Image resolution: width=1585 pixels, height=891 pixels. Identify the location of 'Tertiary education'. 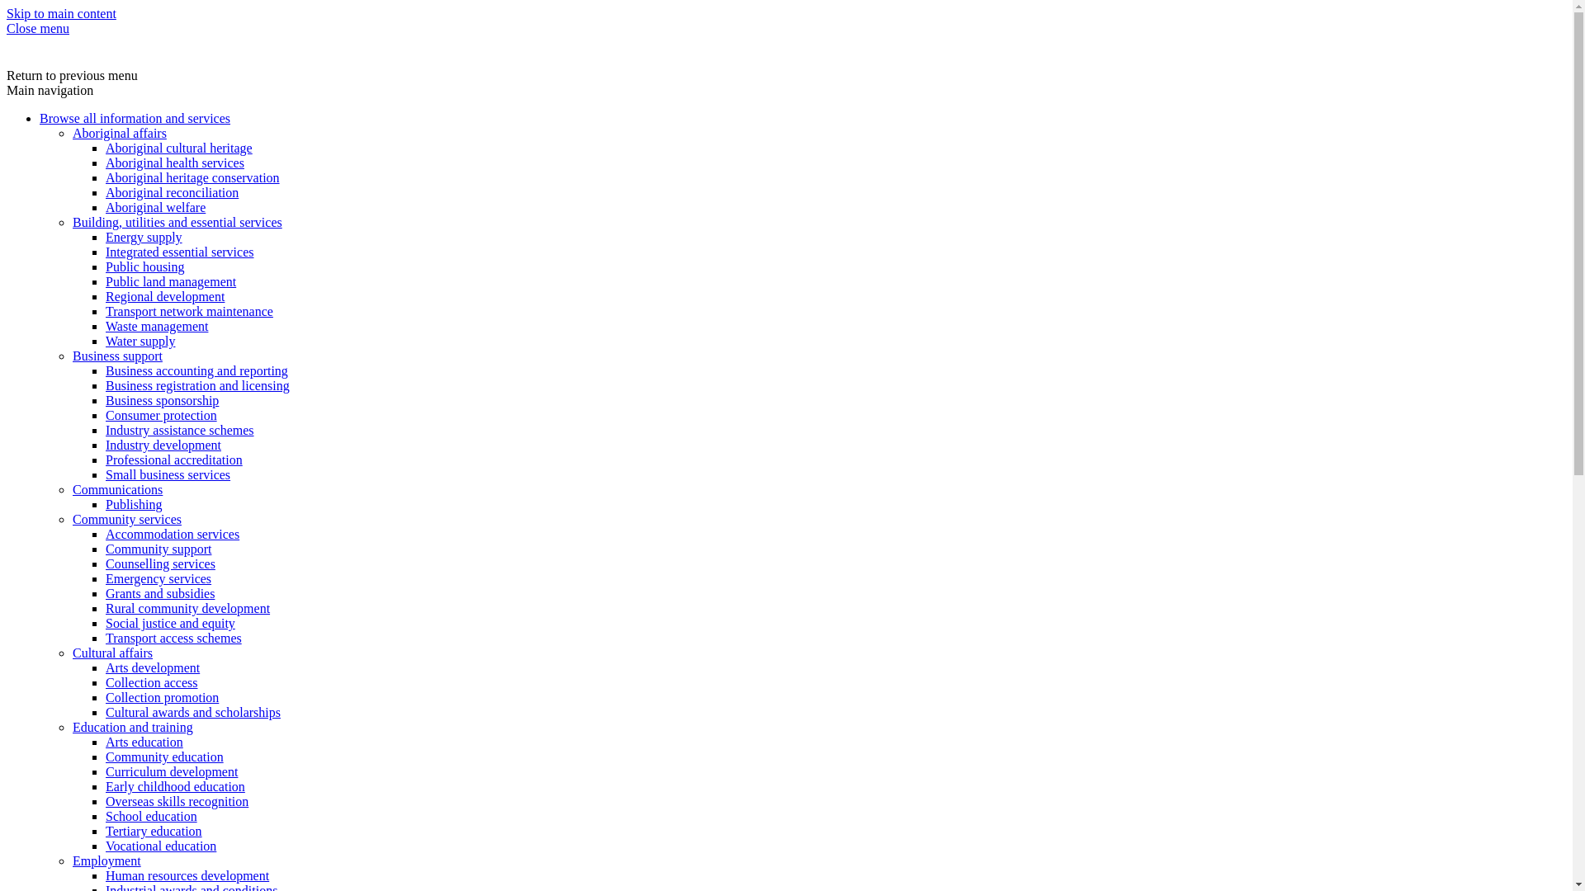
(154, 831).